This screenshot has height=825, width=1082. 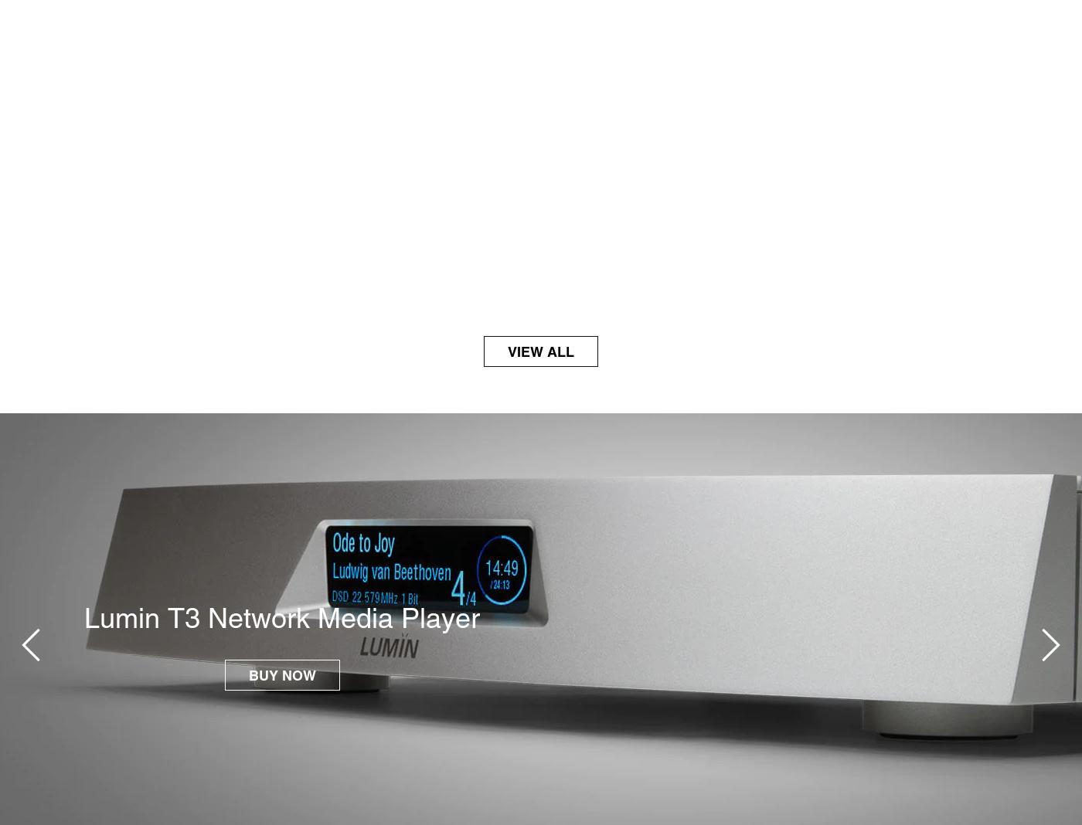 I want to click on 'Lumin T3 Network Media Player', so click(x=281, y=616).